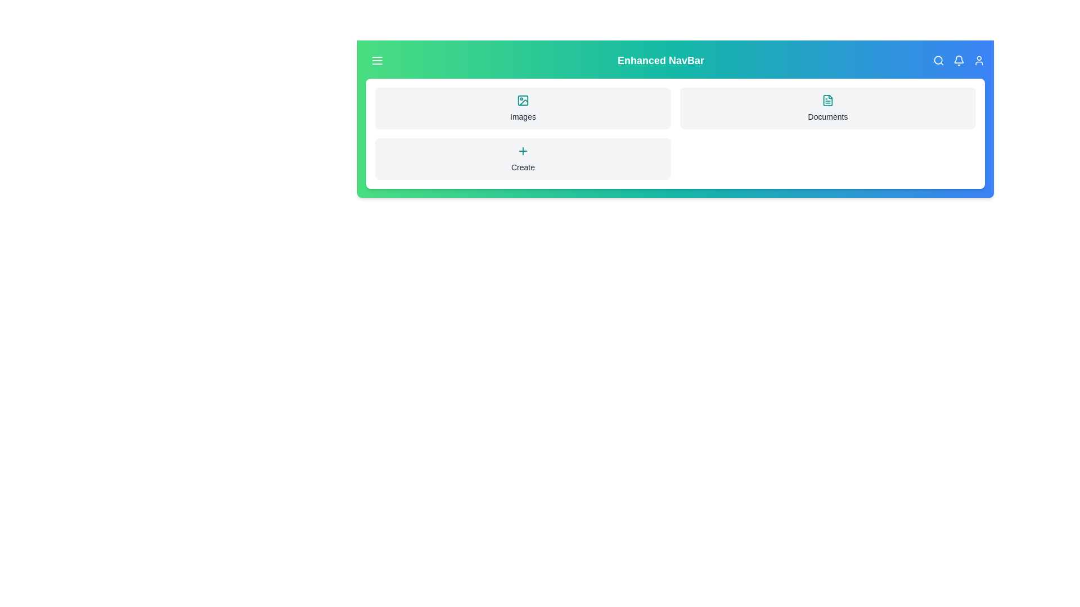  What do you see at coordinates (523, 108) in the screenshot?
I see `the 'Images' button` at bounding box center [523, 108].